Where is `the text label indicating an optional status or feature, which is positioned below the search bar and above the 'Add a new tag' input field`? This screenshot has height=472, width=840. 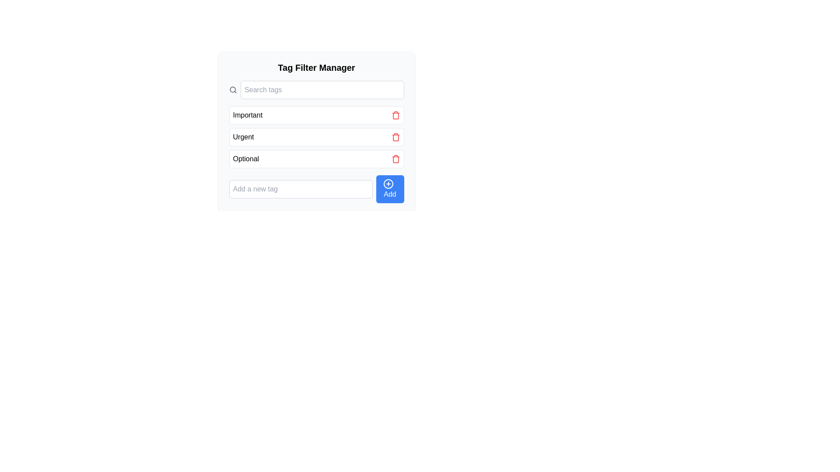 the text label indicating an optional status or feature, which is positioned below the search bar and above the 'Add a new tag' input field is located at coordinates (245, 159).